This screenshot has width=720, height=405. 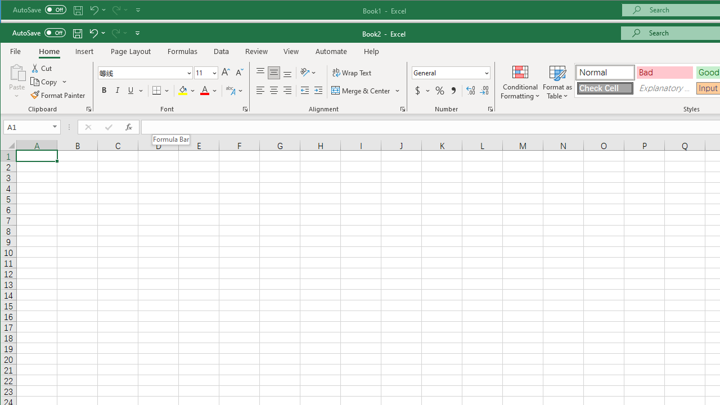 I want to click on 'Paste', so click(x=17, y=81).